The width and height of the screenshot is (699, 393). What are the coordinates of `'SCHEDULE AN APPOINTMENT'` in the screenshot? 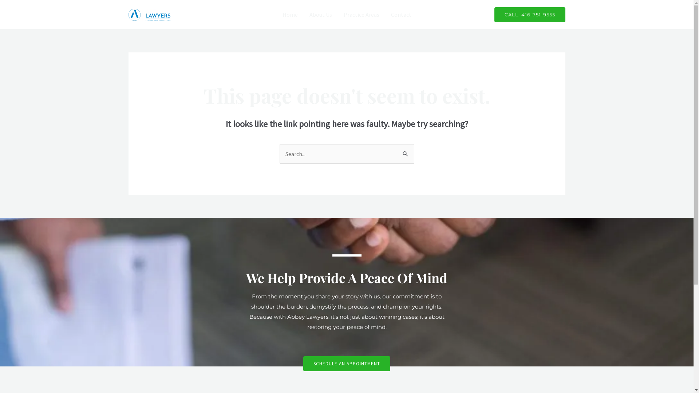 It's located at (346, 364).